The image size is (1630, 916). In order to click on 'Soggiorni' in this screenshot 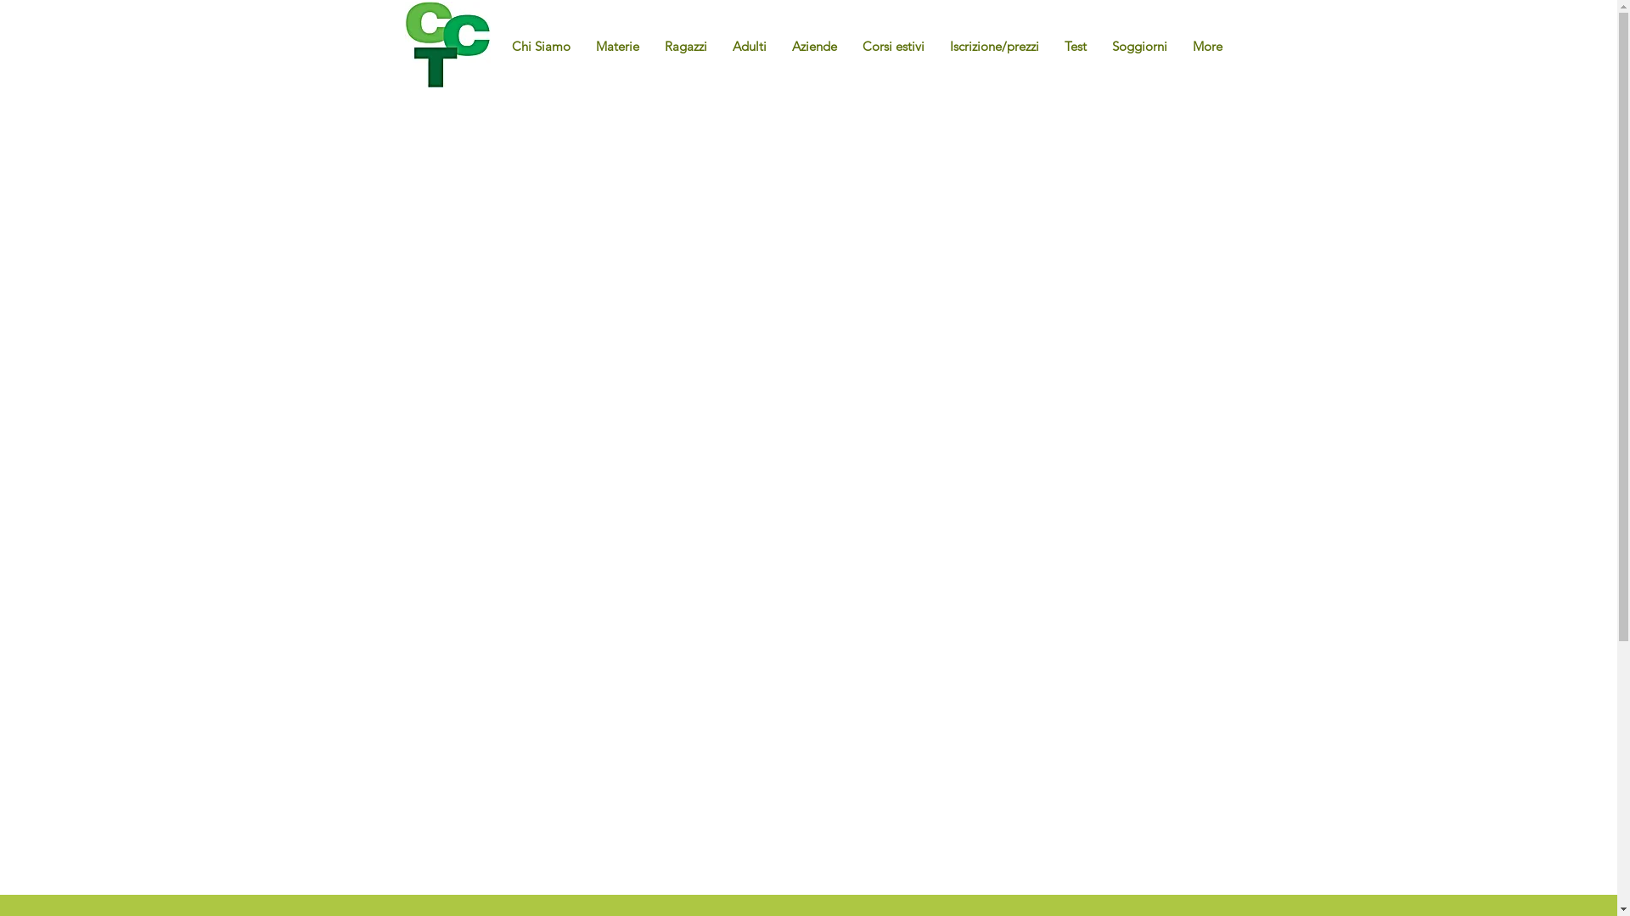, I will do `click(1138, 45)`.